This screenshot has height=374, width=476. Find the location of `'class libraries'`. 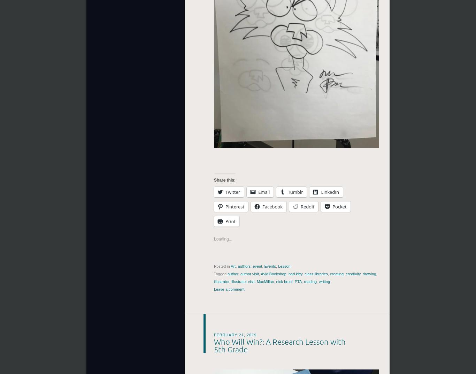

'class libraries' is located at coordinates (316, 274).